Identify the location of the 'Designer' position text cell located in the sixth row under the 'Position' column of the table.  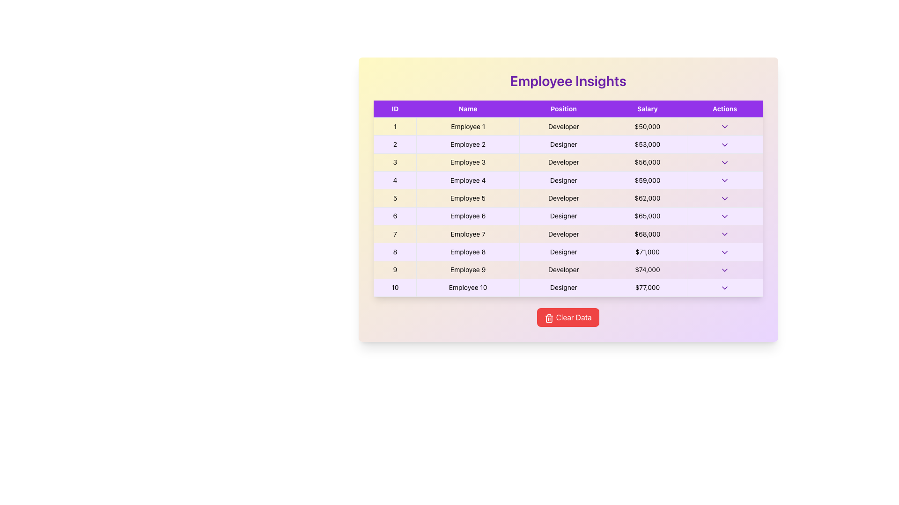
(563, 216).